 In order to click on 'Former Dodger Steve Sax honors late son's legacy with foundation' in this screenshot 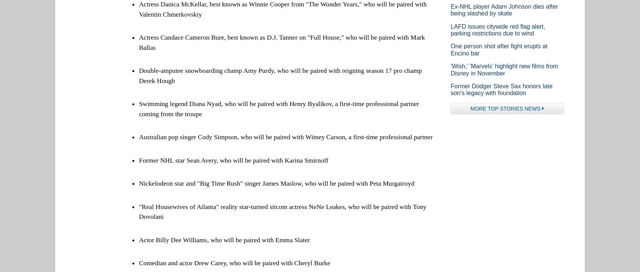, I will do `click(450, 89)`.